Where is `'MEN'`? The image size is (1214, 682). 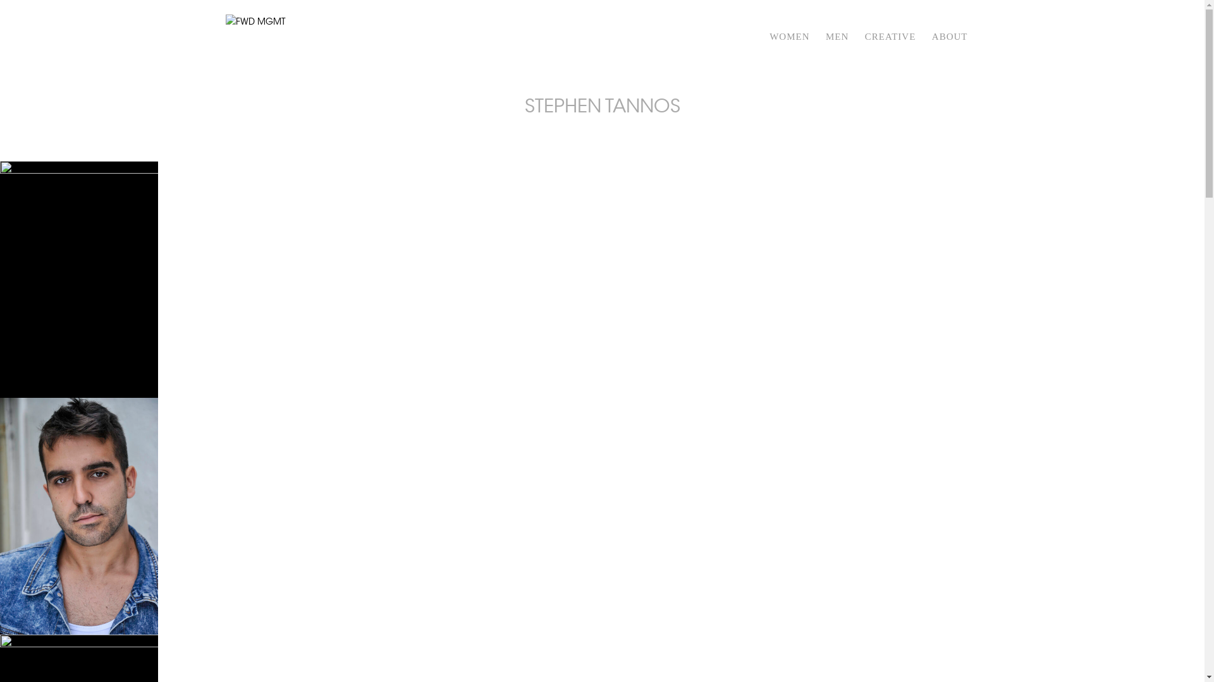 'MEN' is located at coordinates (837, 52).